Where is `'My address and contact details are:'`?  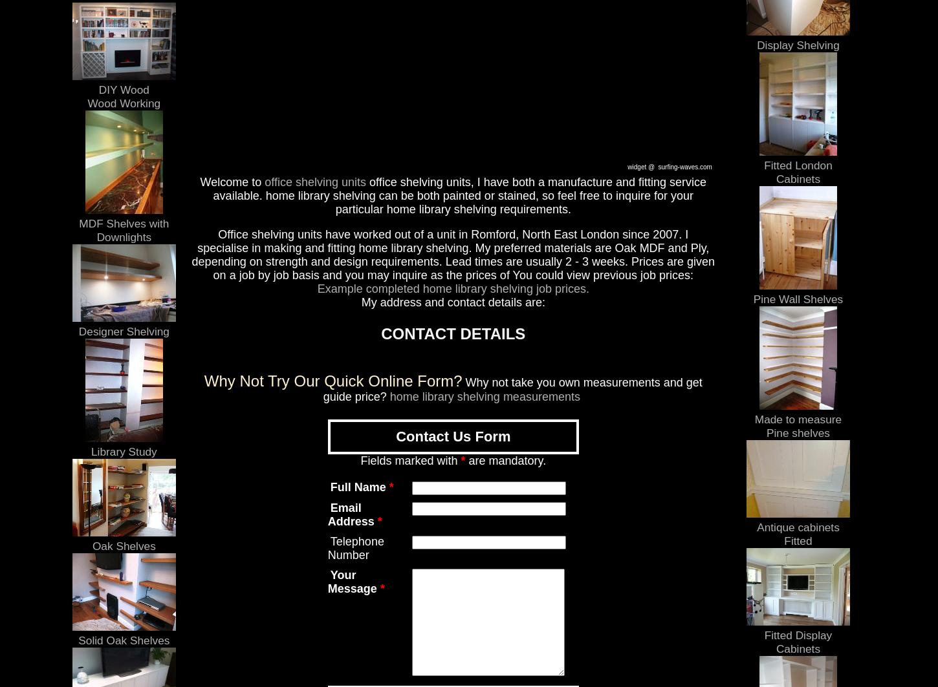
'My address and contact details are:' is located at coordinates (452, 301).